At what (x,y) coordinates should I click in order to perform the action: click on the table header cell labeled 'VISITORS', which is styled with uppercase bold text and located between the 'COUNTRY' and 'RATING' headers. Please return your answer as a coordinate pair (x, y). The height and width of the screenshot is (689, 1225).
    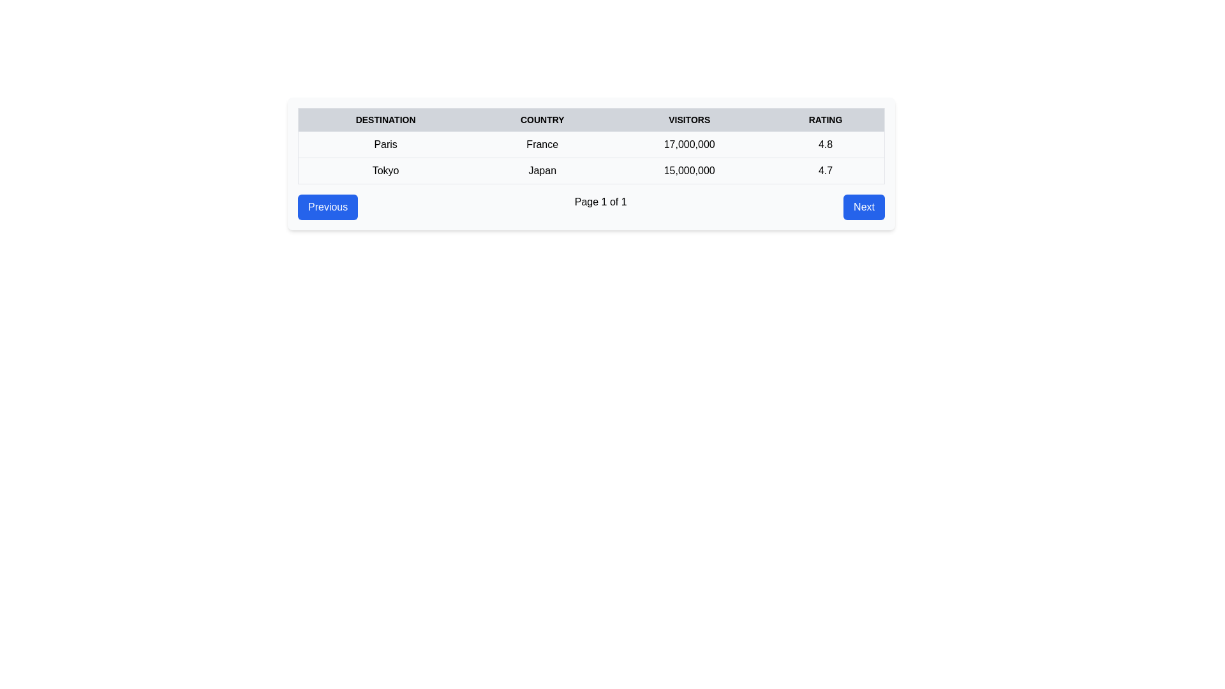
    Looking at the image, I should click on (688, 120).